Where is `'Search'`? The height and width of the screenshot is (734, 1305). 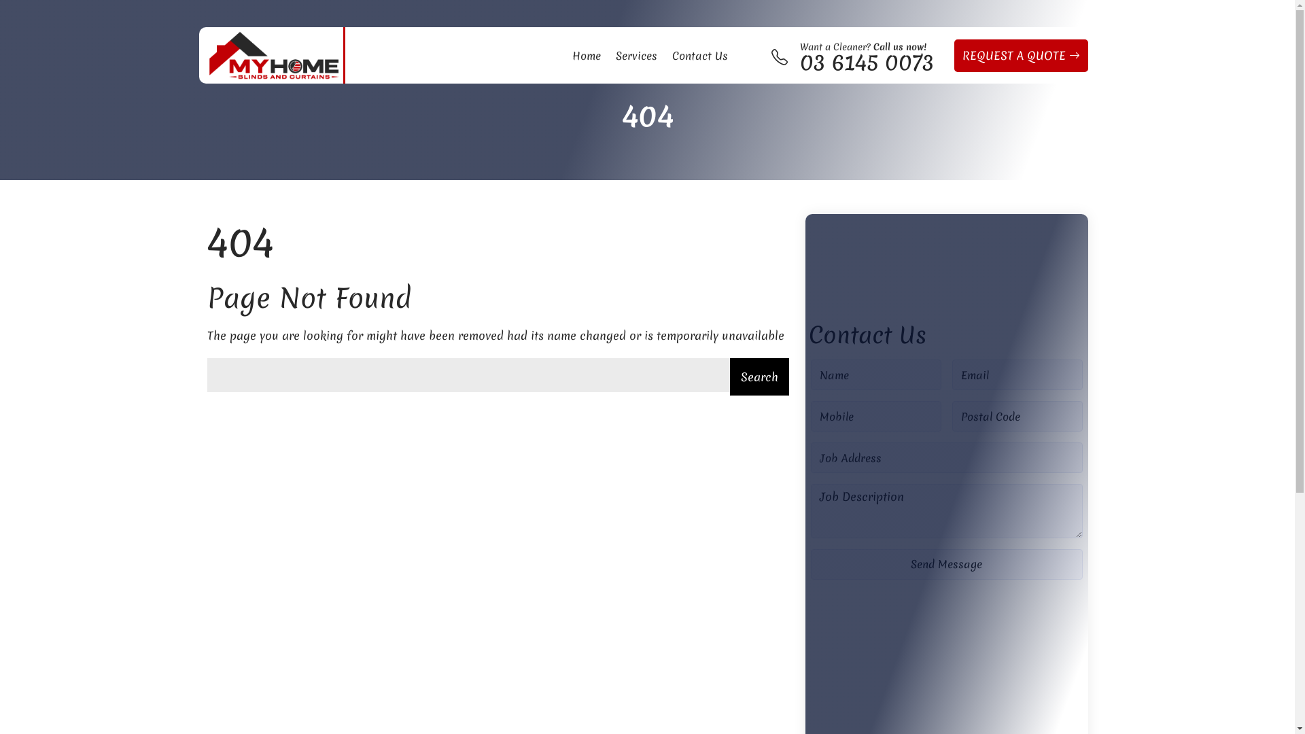
'Search' is located at coordinates (759, 377).